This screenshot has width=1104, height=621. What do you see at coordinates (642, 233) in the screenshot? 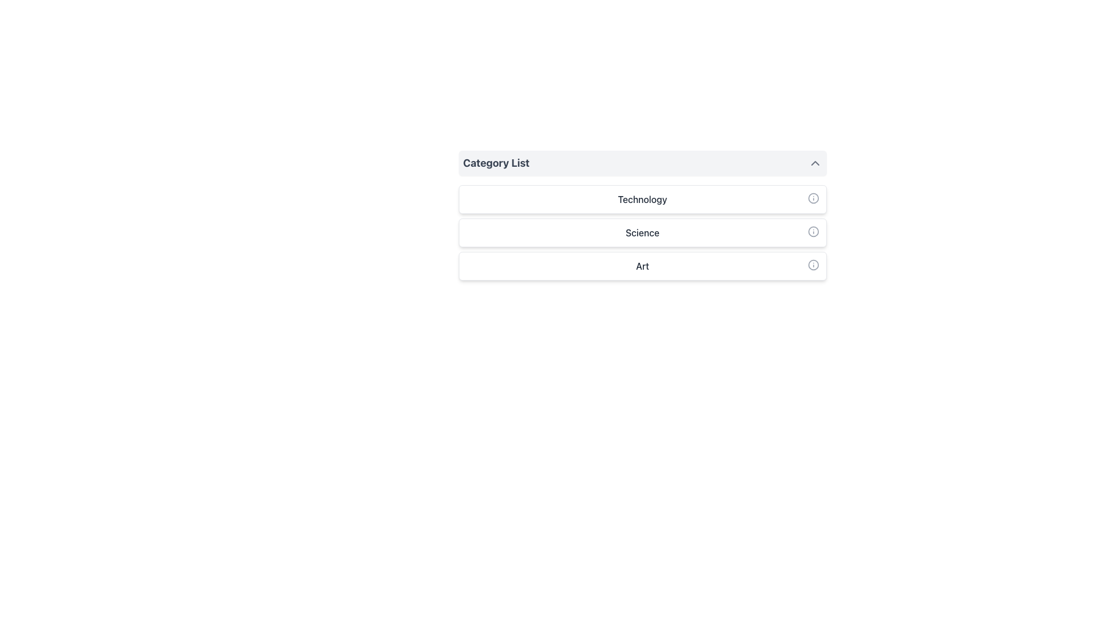
I see `the category labels within the List component located beneath the 'Category List' header` at bounding box center [642, 233].